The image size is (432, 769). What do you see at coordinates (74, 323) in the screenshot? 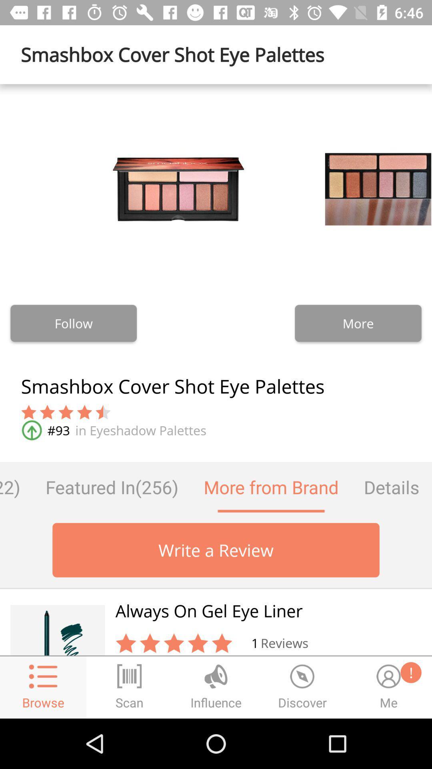
I see `item to the left of more item` at bounding box center [74, 323].